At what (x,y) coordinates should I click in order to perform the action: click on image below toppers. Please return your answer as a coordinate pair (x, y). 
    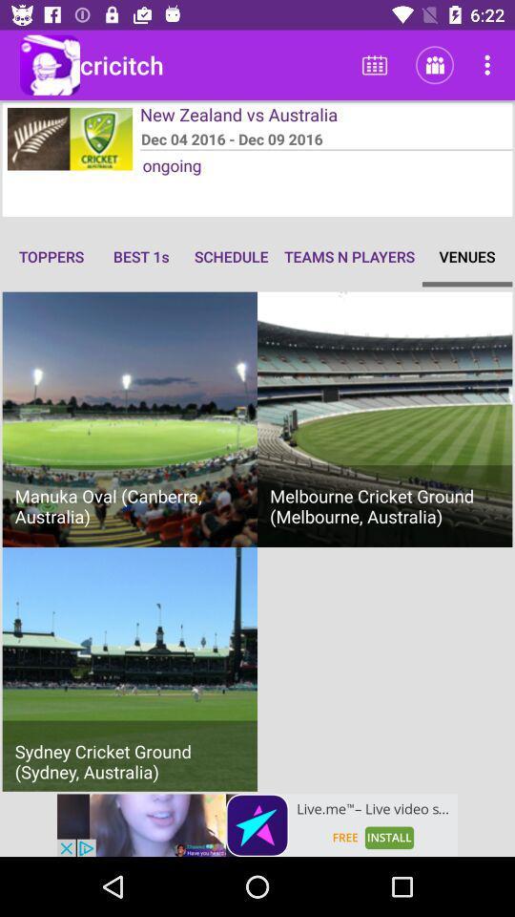
    Looking at the image, I should click on (129, 419).